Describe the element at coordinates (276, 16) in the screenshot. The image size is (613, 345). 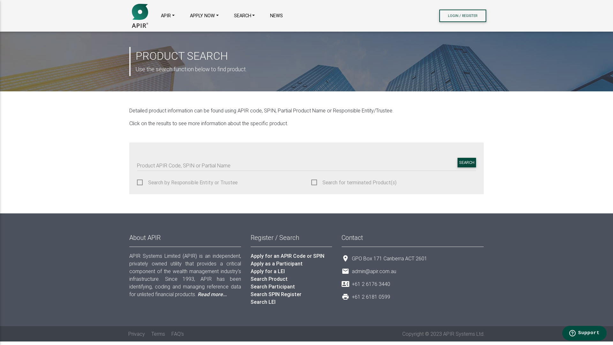
I see `'NEWS'` at that location.